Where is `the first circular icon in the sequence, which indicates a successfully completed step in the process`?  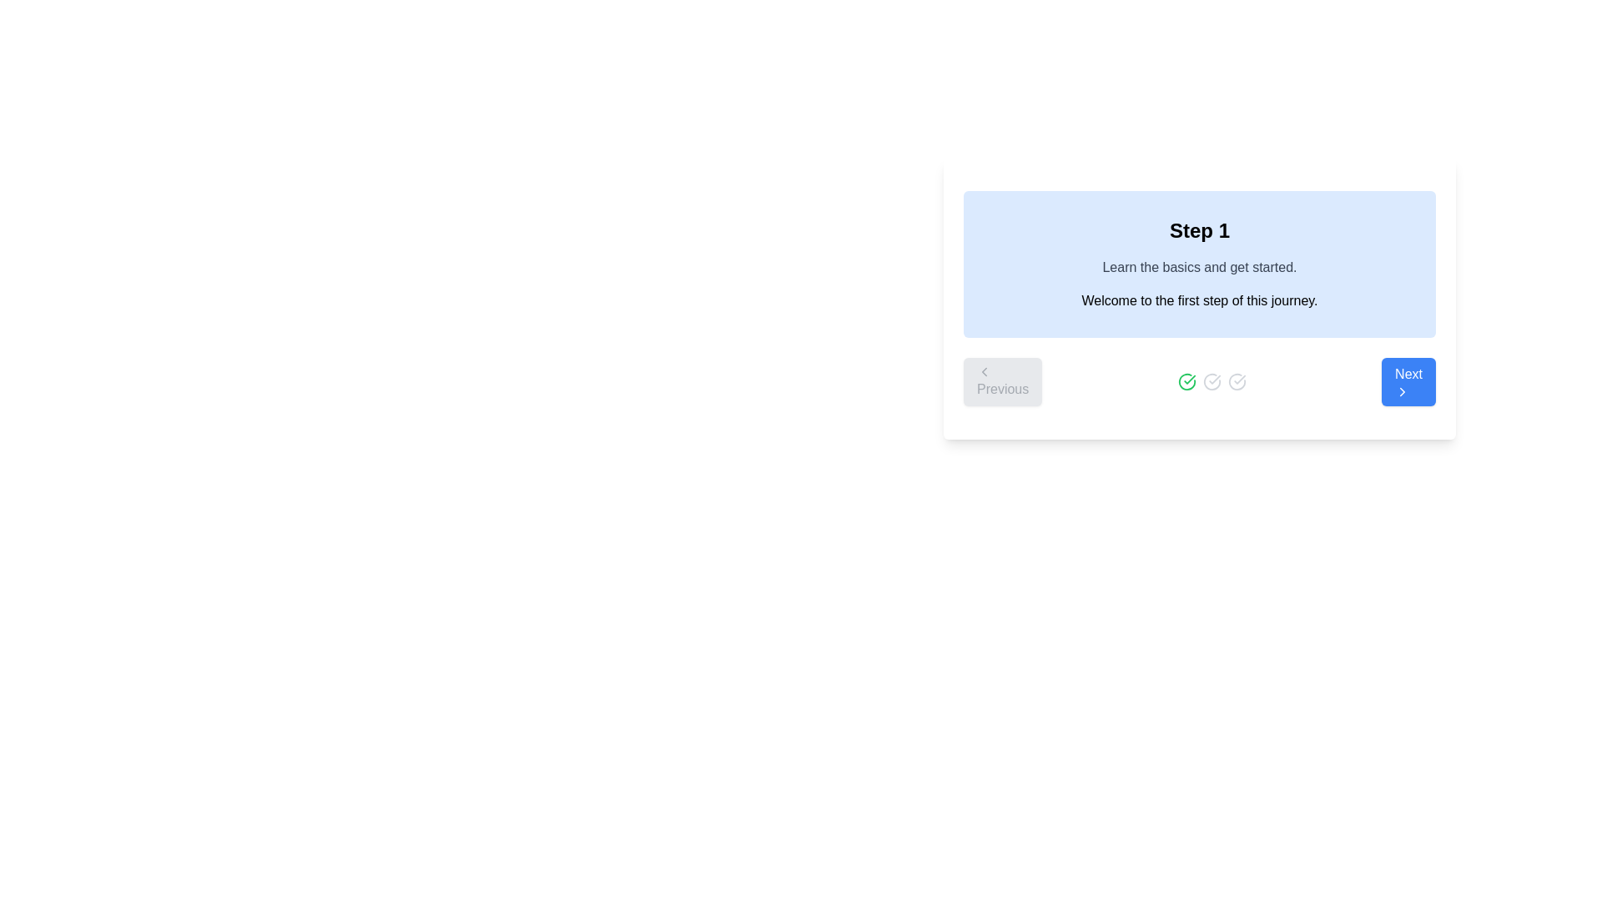 the first circular icon in the sequence, which indicates a successfully completed step in the process is located at coordinates (1186, 382).